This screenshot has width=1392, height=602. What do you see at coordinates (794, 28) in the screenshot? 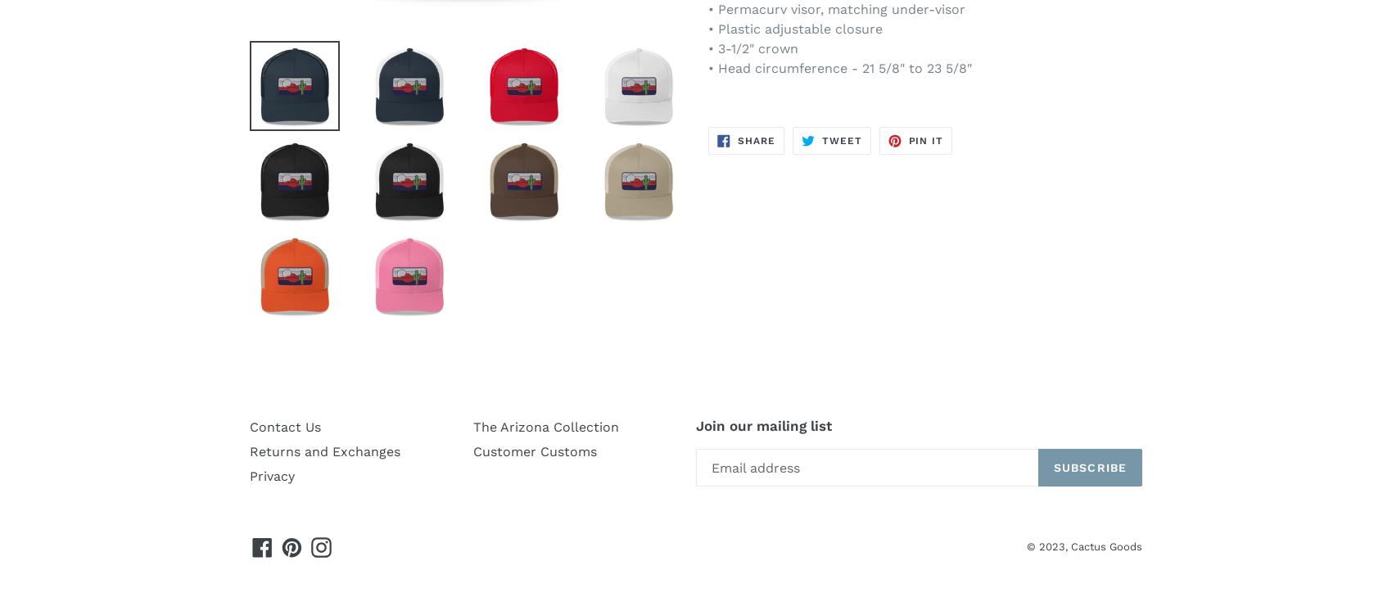
I see `'• Plastic adjustable closure'` at bounding box center [794, 28].